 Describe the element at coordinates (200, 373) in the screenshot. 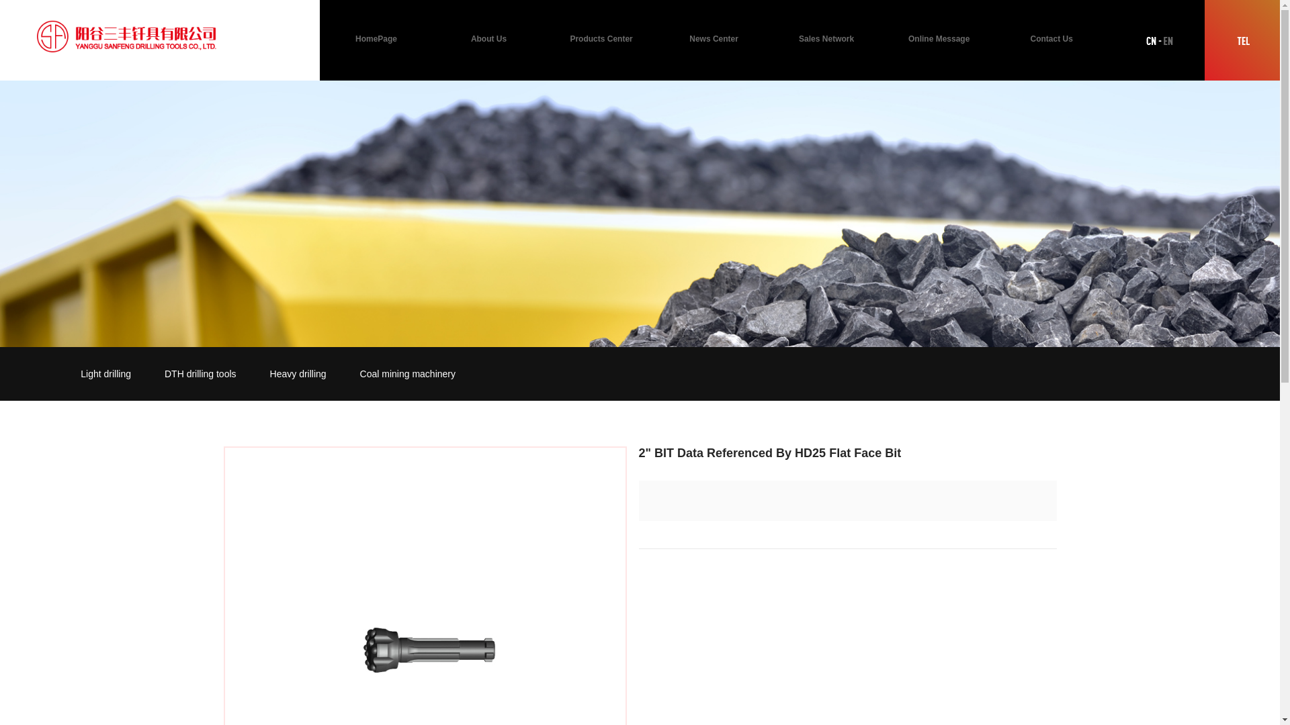

I see `'DTH drilling tools'` at that location.